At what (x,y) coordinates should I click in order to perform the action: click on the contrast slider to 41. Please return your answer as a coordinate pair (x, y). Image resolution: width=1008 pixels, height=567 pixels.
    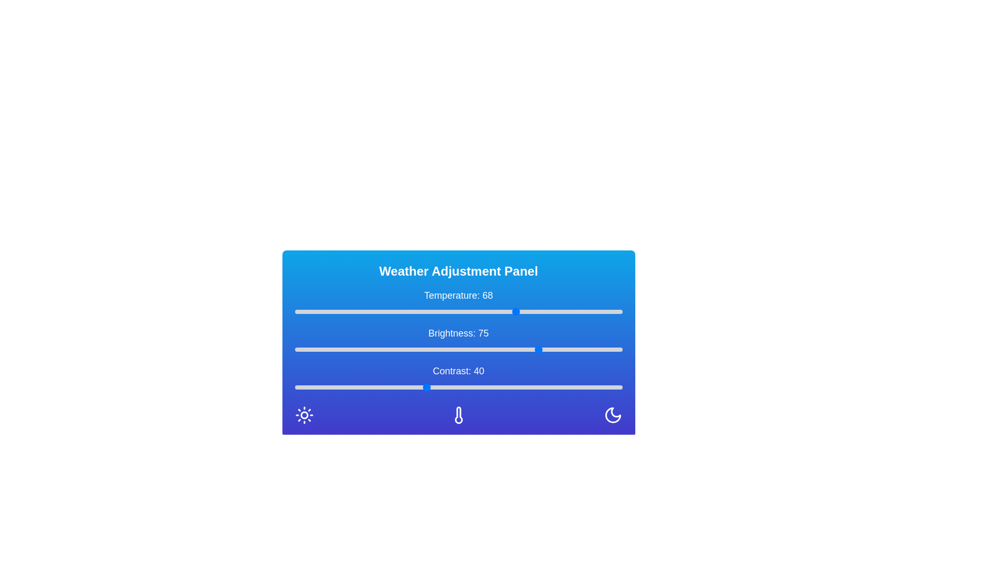
    Looking at the image, I should click on (429, 387).